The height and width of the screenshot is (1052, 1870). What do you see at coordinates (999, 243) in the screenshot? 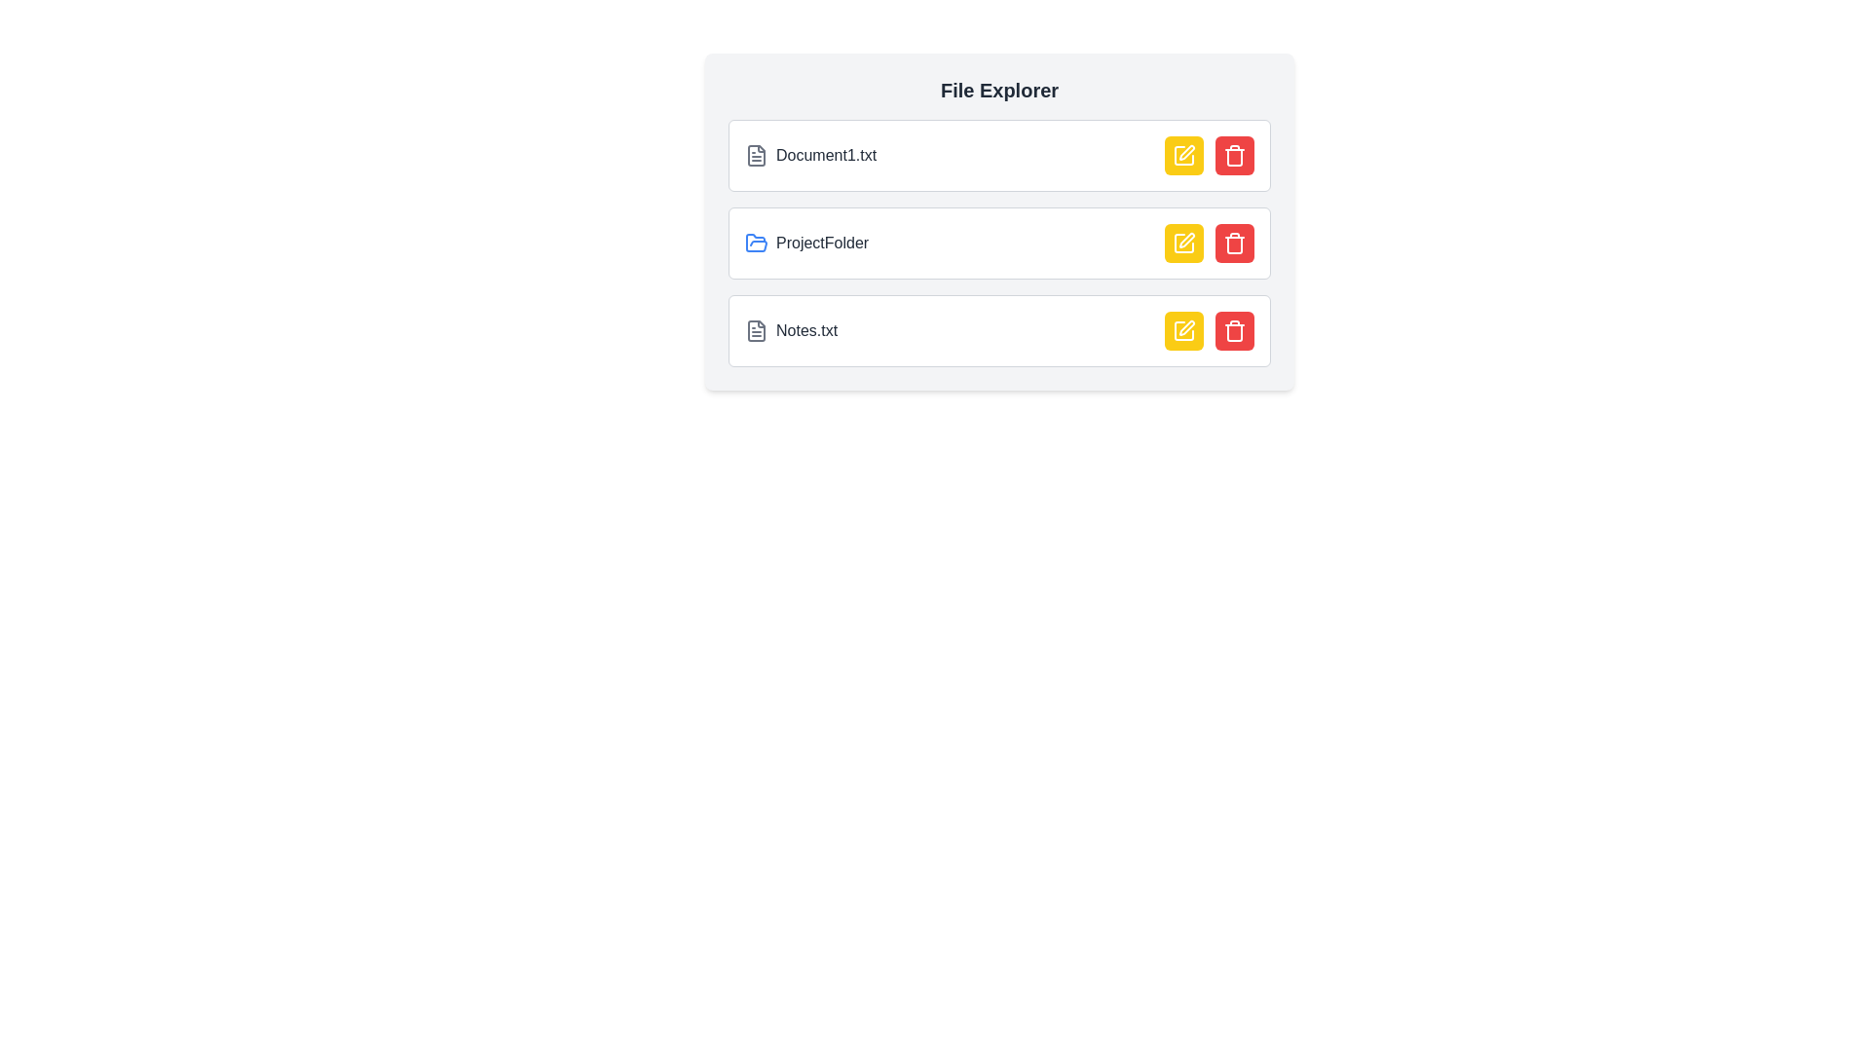
I see `the second row of the List Item in the File Explorer section, which is positioned between 'Document1.txt' and 'Notes.txt'` at bounding box center [999, 243].